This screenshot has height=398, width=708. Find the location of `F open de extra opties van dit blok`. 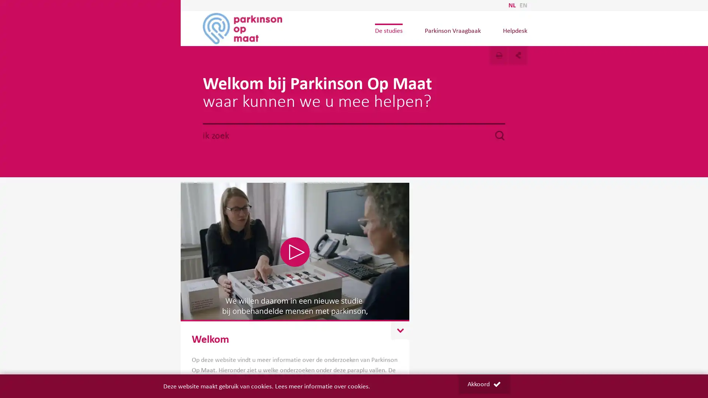

F open de extra opties van dit blok is located at coordinates (399, 330).